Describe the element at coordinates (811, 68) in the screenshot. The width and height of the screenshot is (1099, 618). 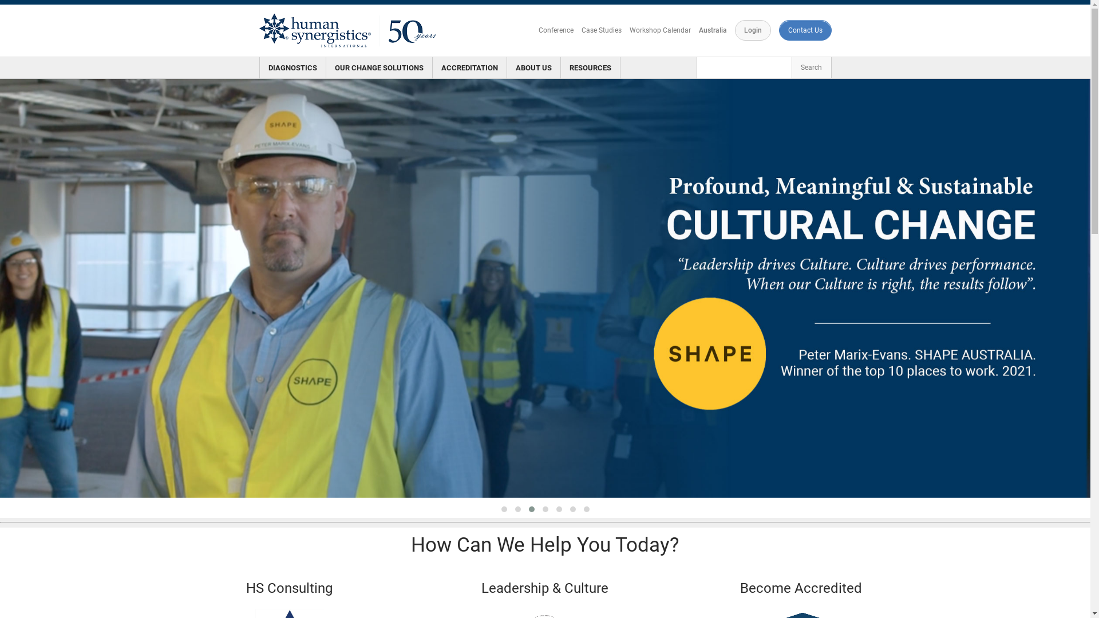
I see `'Search'` at that location.